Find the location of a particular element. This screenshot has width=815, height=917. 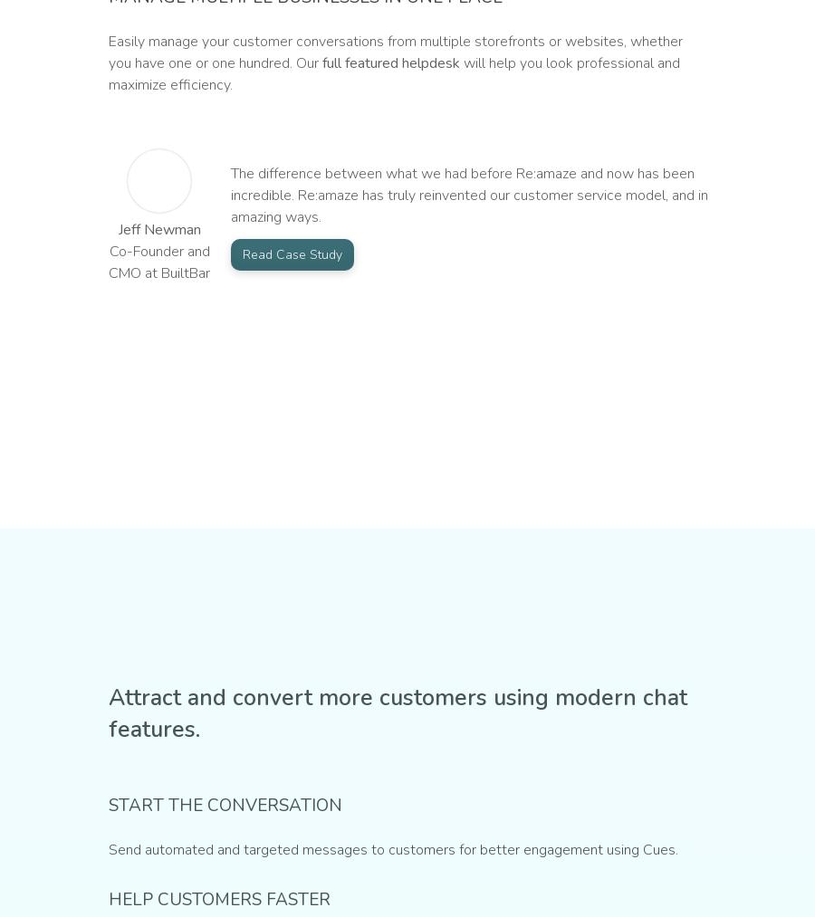

'Co-Founder and' is located at coordinates (108, 249).